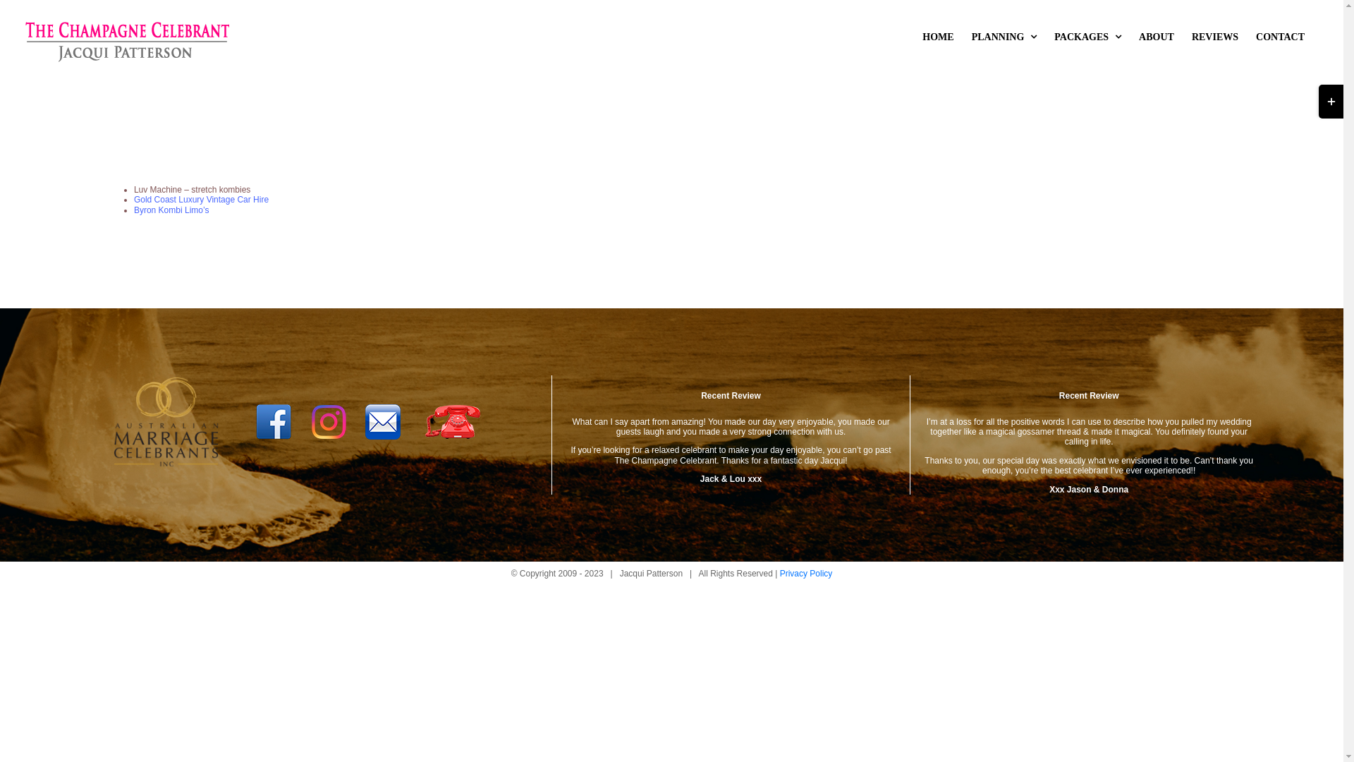  I want to click on 'Gold Coast Luxury Vintage Car Hire', so click(200, 199).